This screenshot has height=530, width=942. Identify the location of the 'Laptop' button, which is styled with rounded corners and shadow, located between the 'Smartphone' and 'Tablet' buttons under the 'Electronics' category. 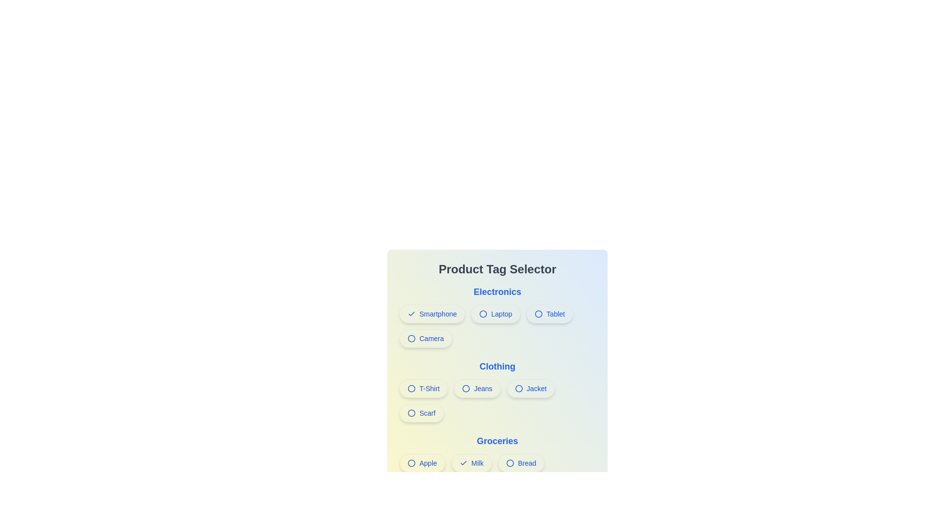
(497, 316).